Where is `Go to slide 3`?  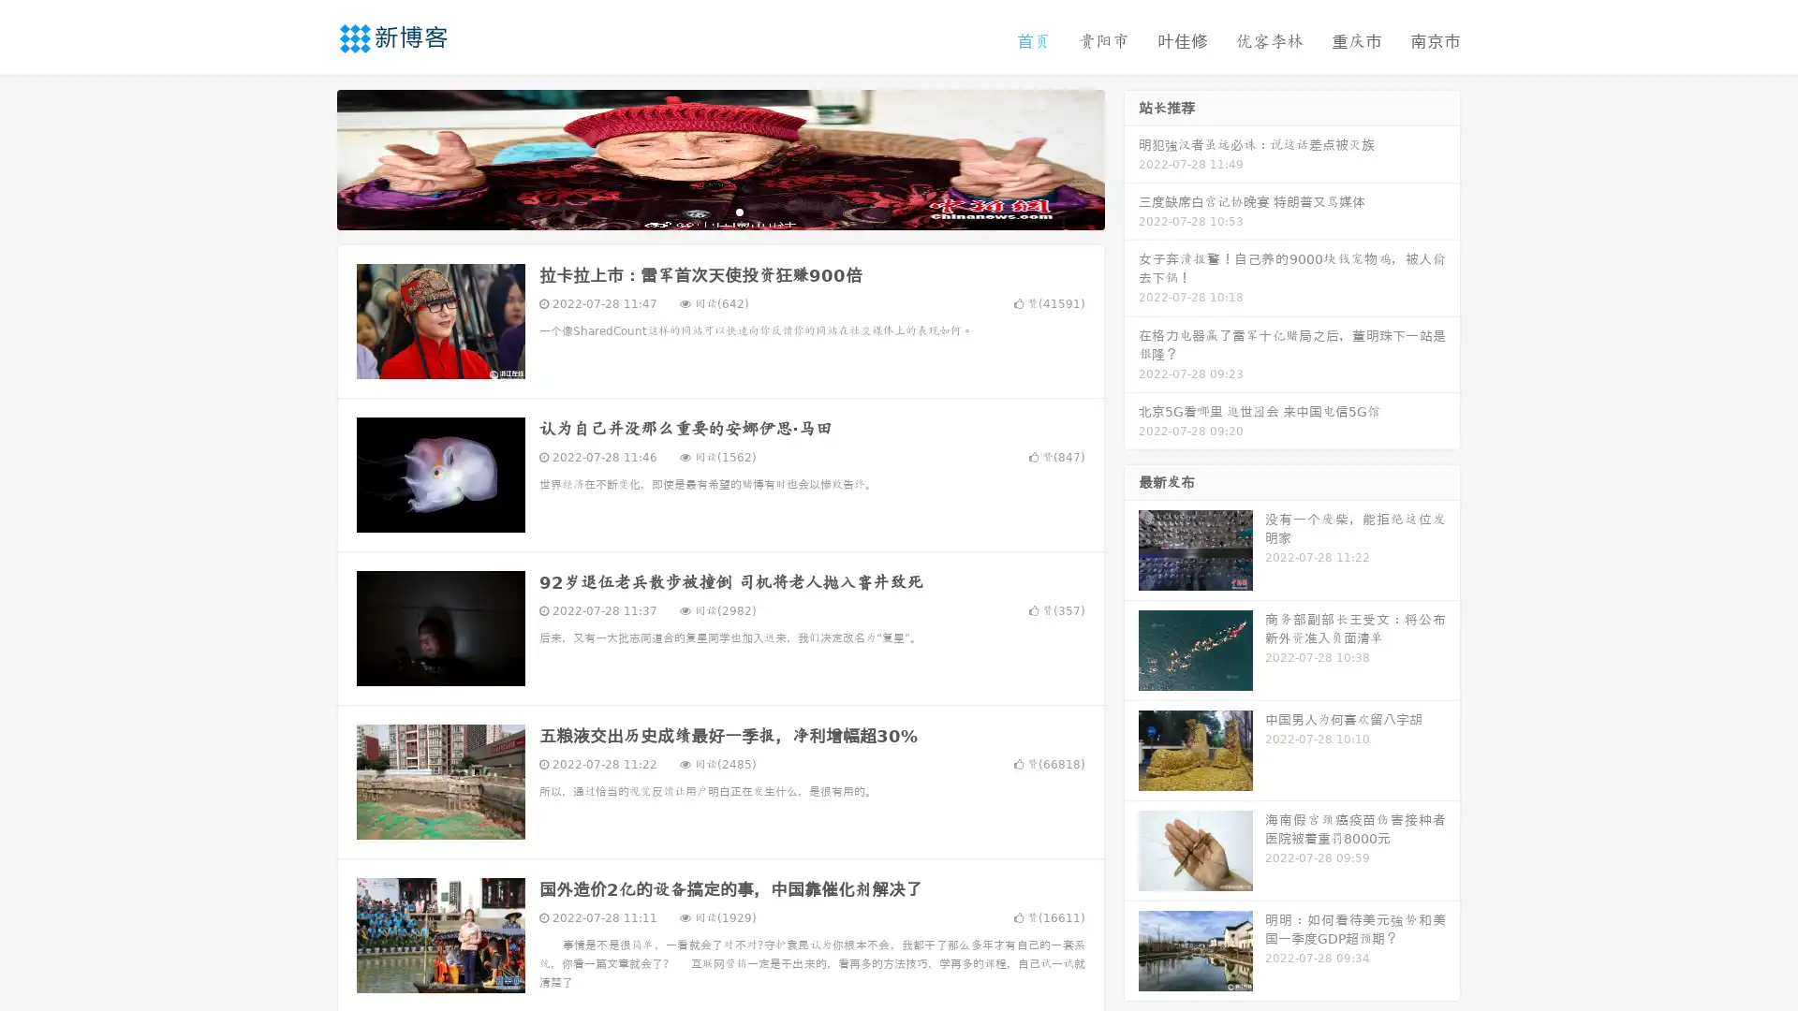 Go to slide 3 is located at coordinates (739, 211).